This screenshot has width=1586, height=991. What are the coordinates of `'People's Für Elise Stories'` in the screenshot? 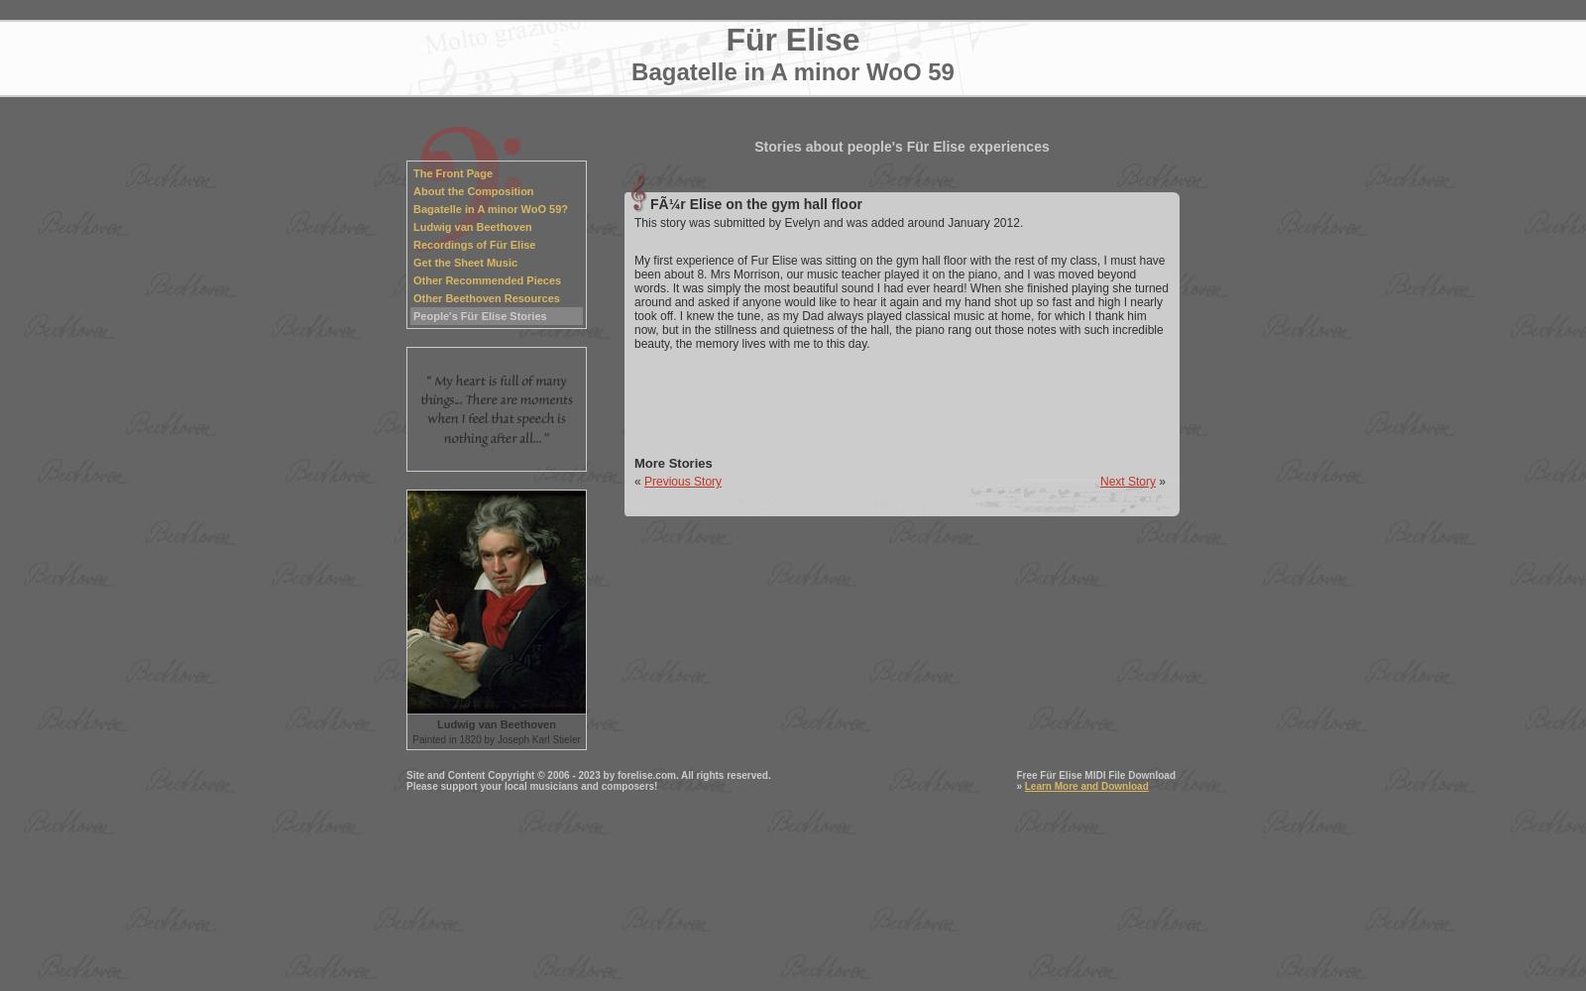 It's located at (479, 315).